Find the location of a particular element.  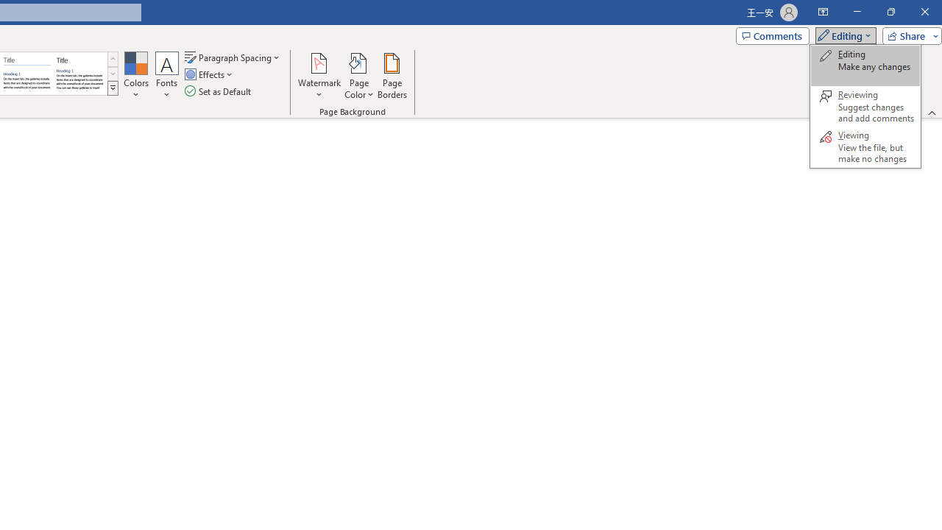

'Fonts' is located at coordinates (167, 76).